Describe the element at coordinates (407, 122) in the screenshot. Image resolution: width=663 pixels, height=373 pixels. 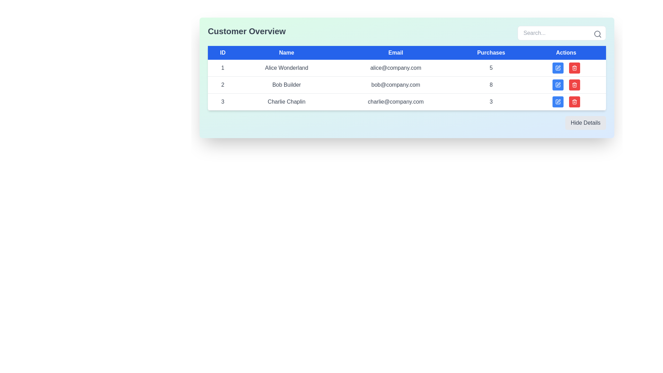
I see `the toggle button located to the far right of the last row below the table in the 'Customer Overview' component` at that location.